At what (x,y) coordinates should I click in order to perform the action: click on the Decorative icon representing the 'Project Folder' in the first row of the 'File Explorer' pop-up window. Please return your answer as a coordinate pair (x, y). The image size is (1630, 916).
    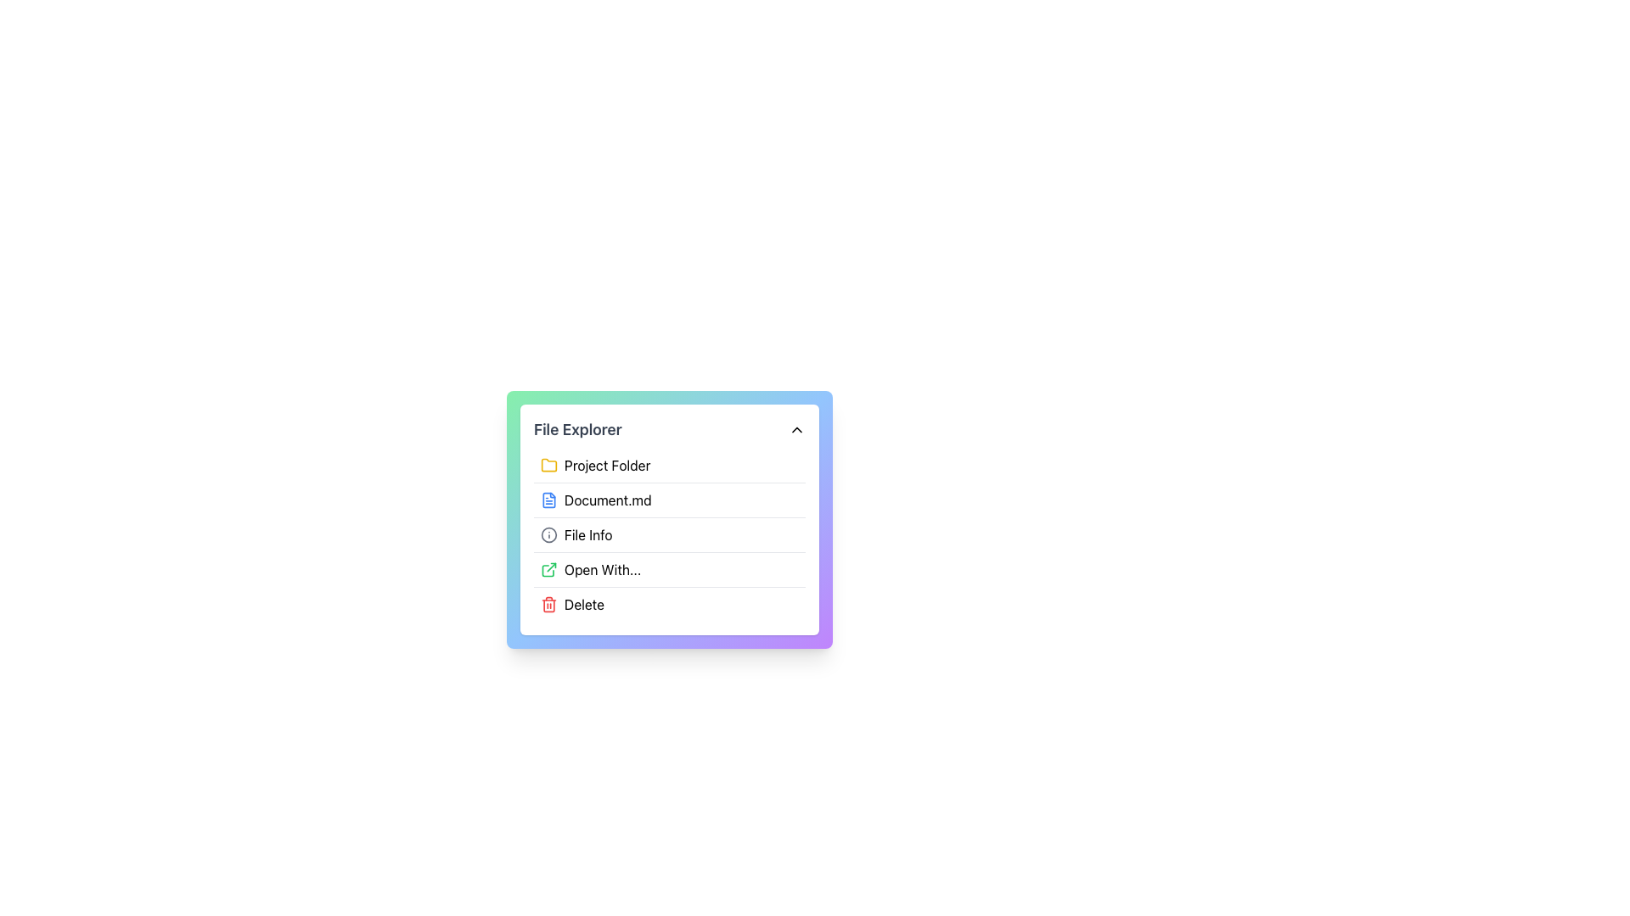
    Looking at the image, I should click on (549, 465).